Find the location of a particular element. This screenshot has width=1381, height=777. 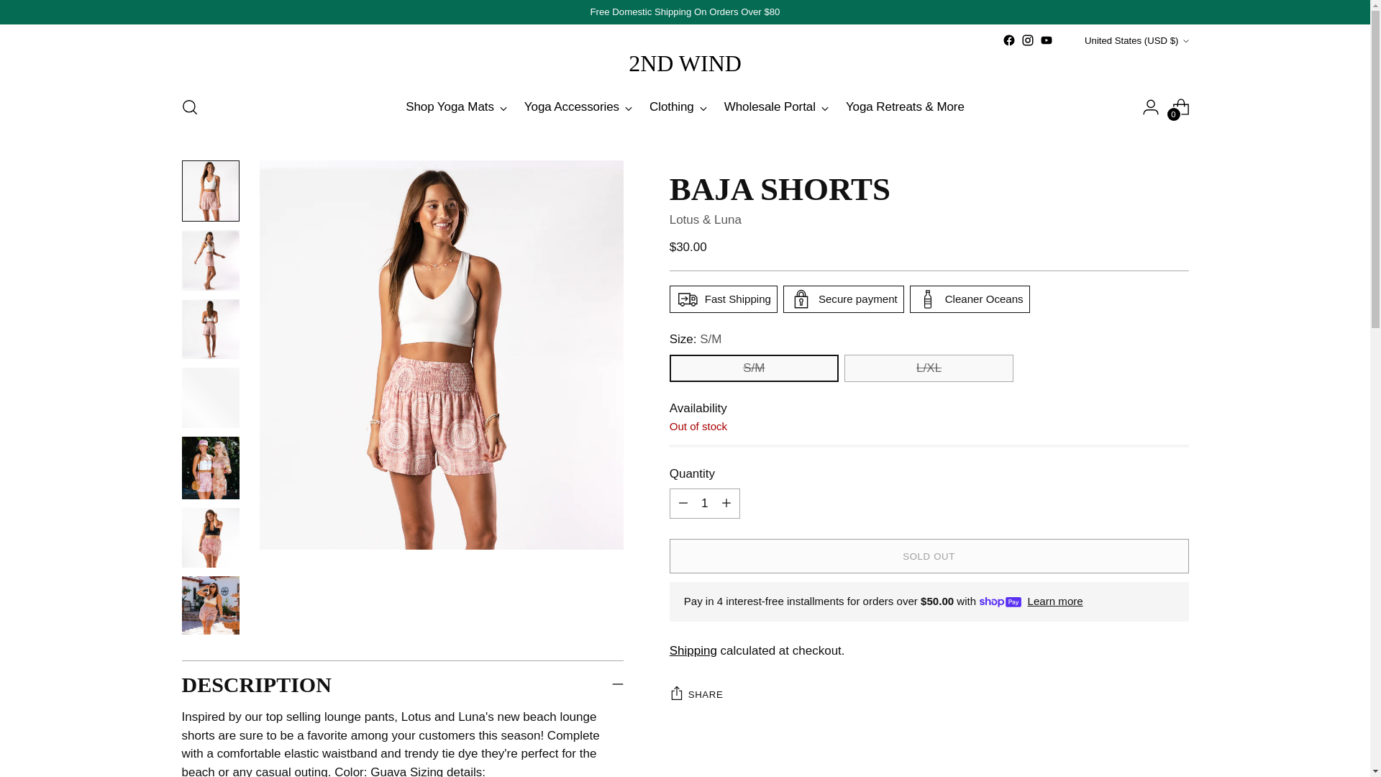

'Yoga Retreats & More' is located at coordinates (904, 106).